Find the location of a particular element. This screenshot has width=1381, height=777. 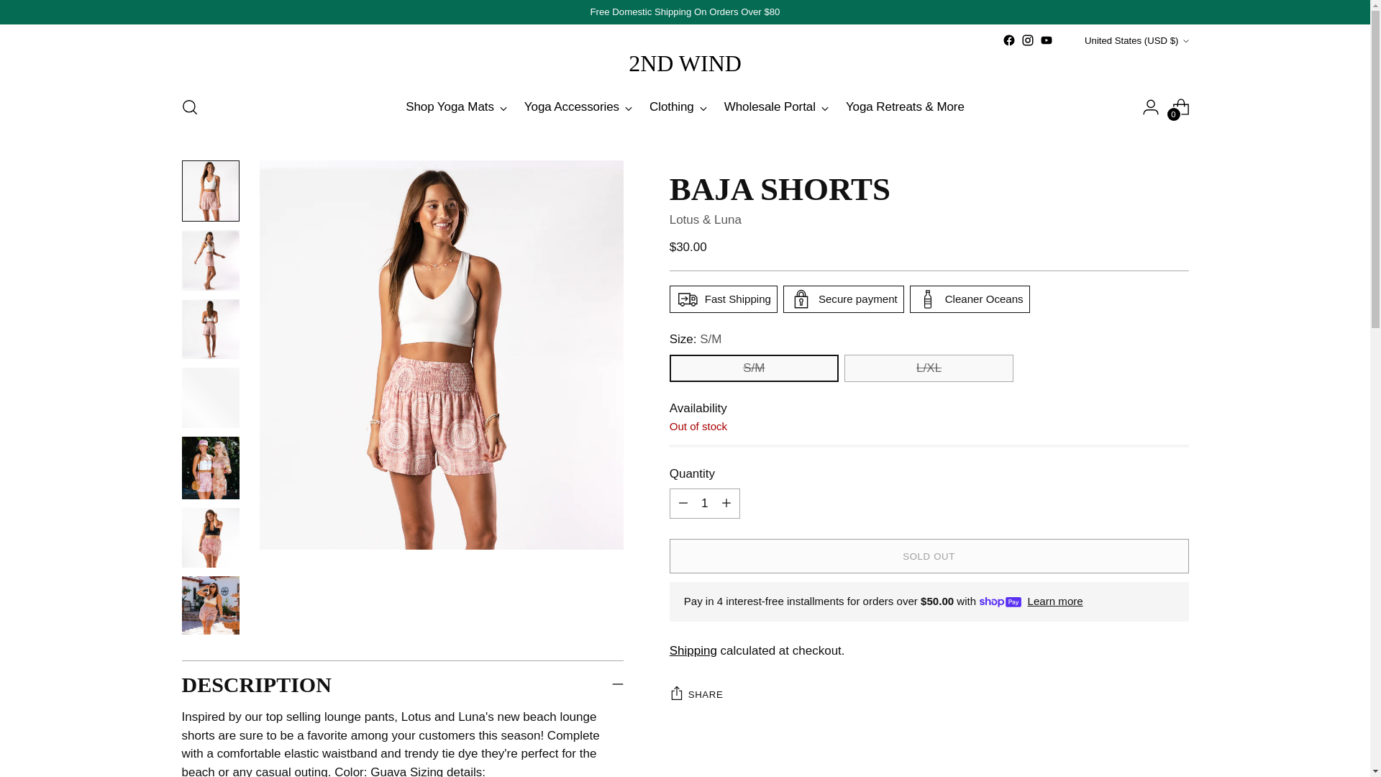

'Yoga Retreats & More' is located at coordinates (904, 106).